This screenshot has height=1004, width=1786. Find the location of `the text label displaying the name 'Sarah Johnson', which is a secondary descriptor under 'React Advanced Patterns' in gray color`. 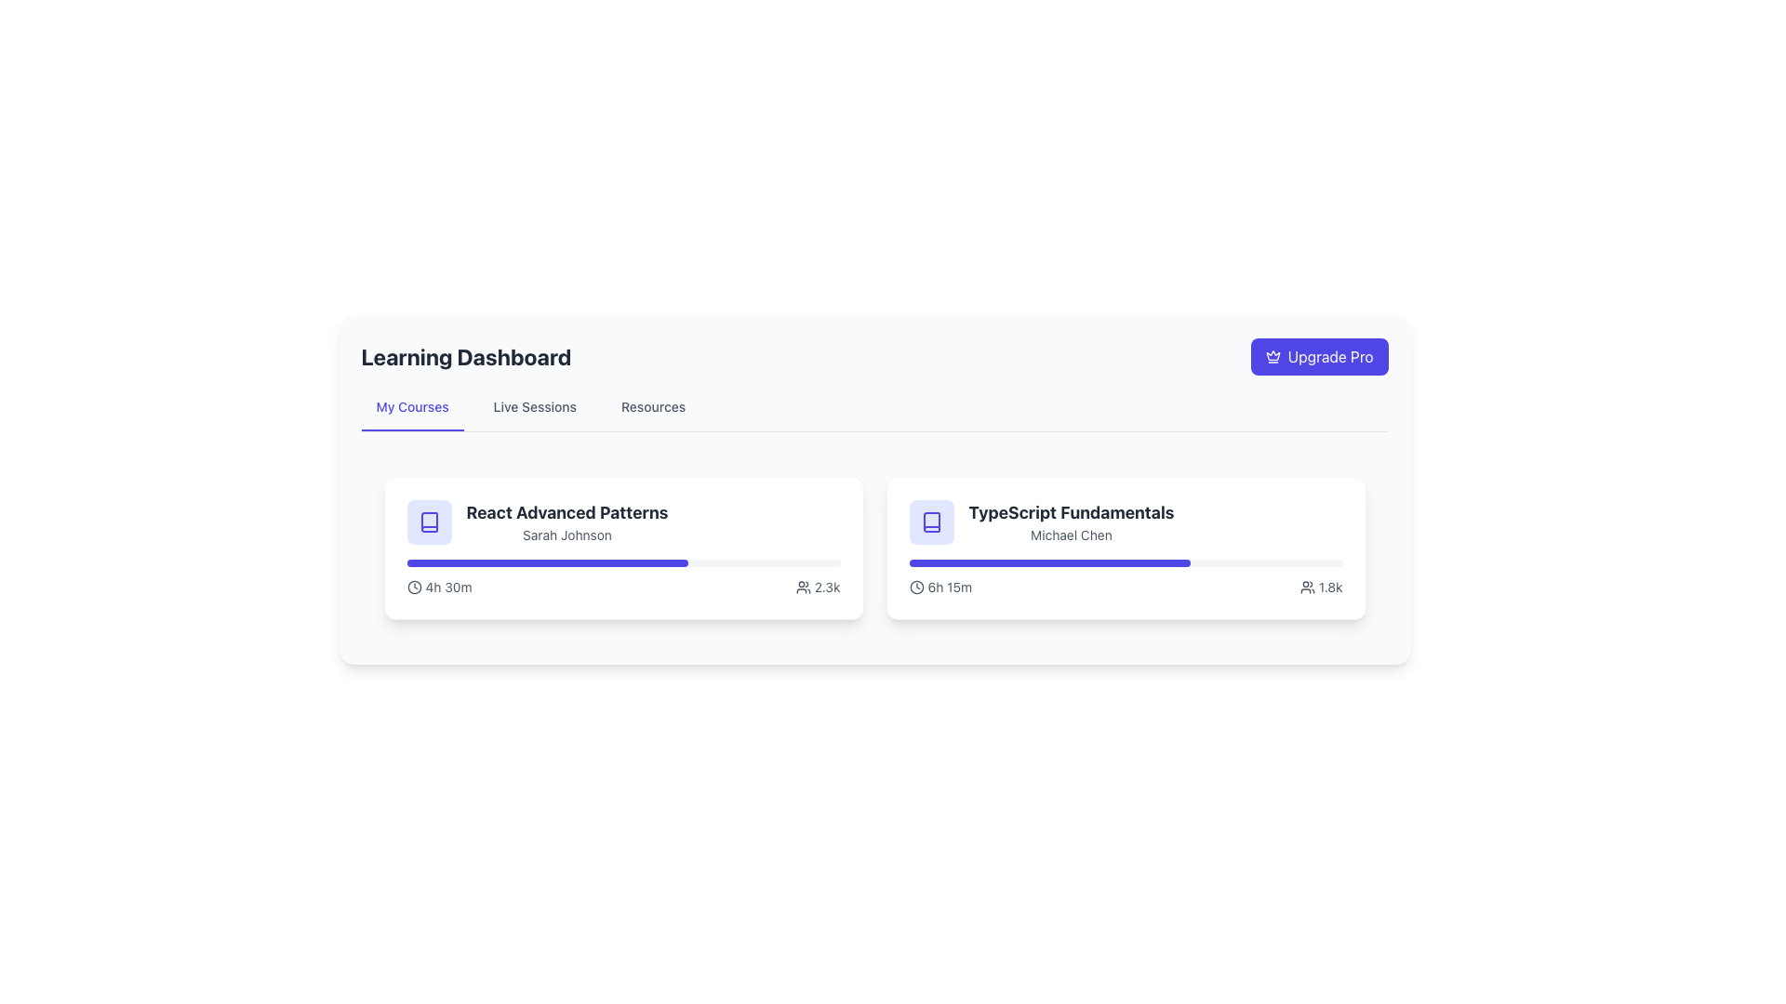

the text label displaying the name 'Sarah Johnson', which is a secondary descriptor under 'React Advanced Patterns' in gray color is located at coordinates (566, 535).